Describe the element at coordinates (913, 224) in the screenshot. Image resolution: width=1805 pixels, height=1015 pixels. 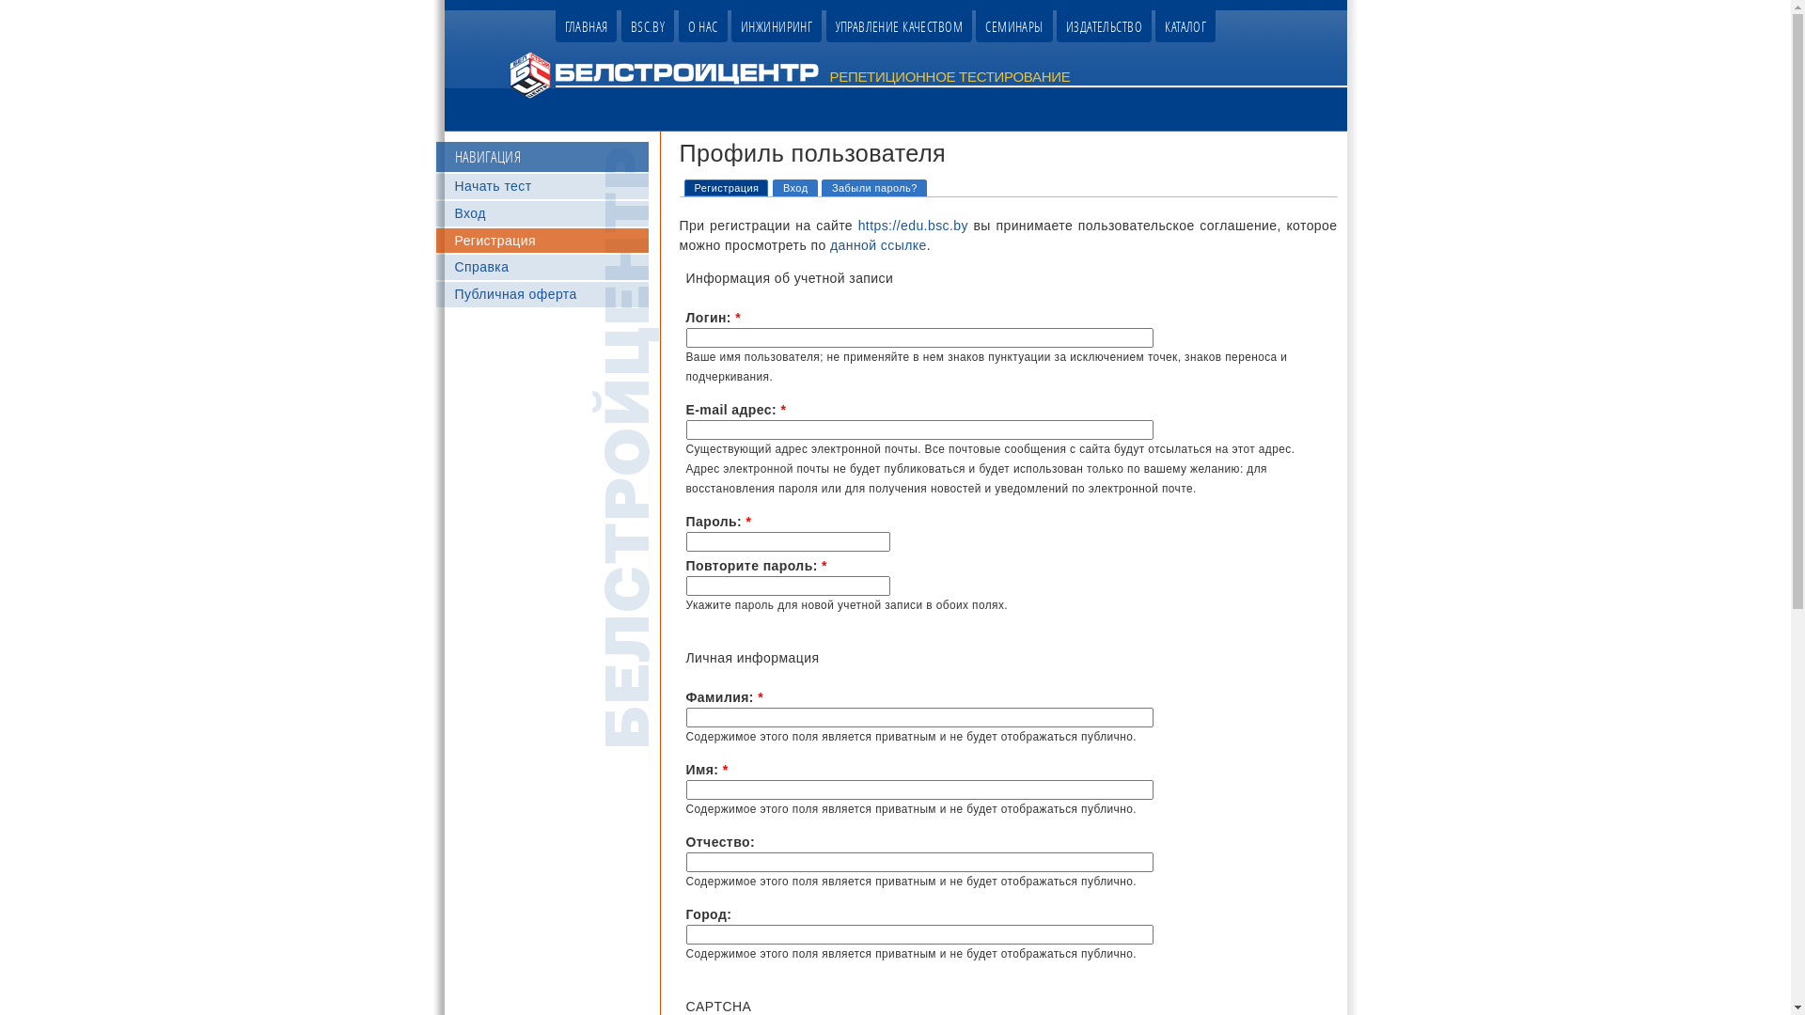
I see `'https://edu.bsc.by'` at that location.